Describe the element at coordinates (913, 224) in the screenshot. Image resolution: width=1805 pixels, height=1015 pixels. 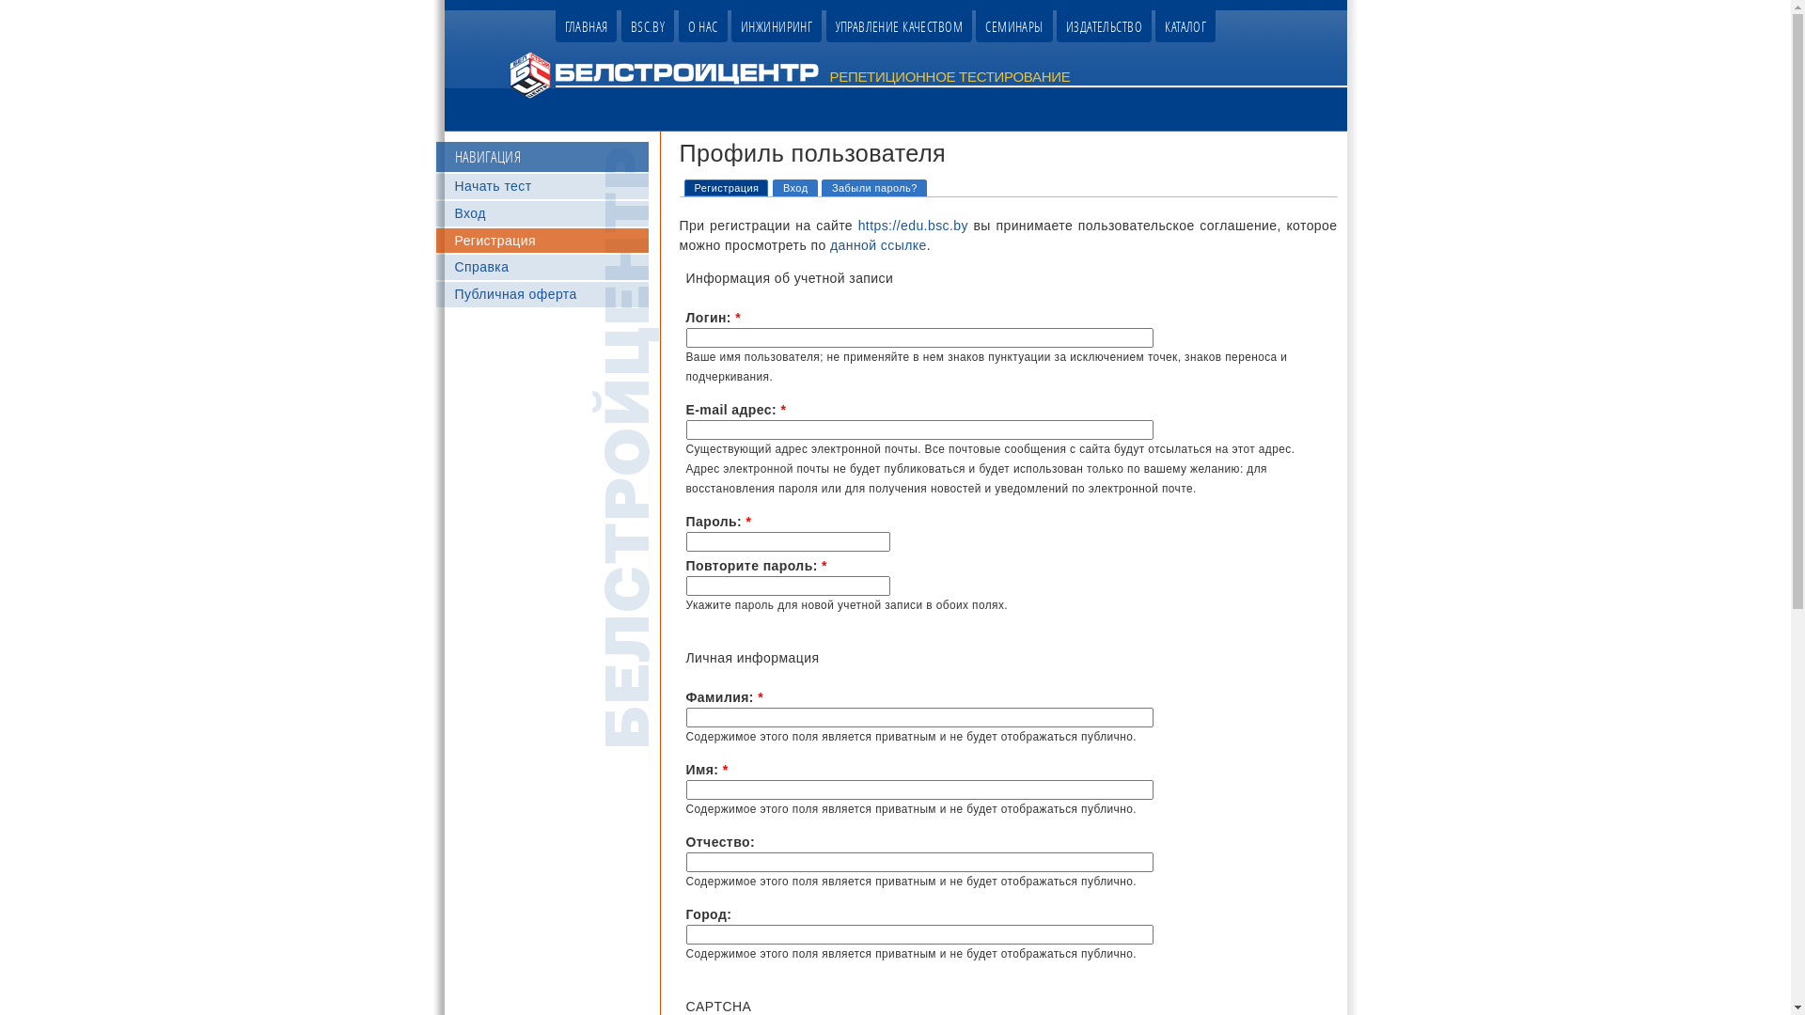
I see `'https://edu.bsc.by'` at that location.